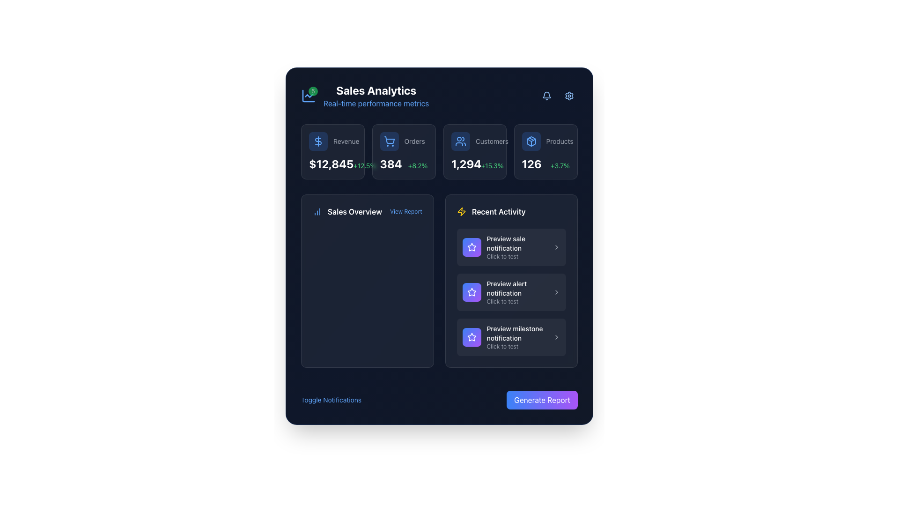  What do you see at coordinates (460, 141) in the screenshot?
I see `the user avatars icon, which is the third icon in a horizontal menu, outlined in blue and positioned between a shopping cart icon and a box icon` at bounding box center [460, 141].